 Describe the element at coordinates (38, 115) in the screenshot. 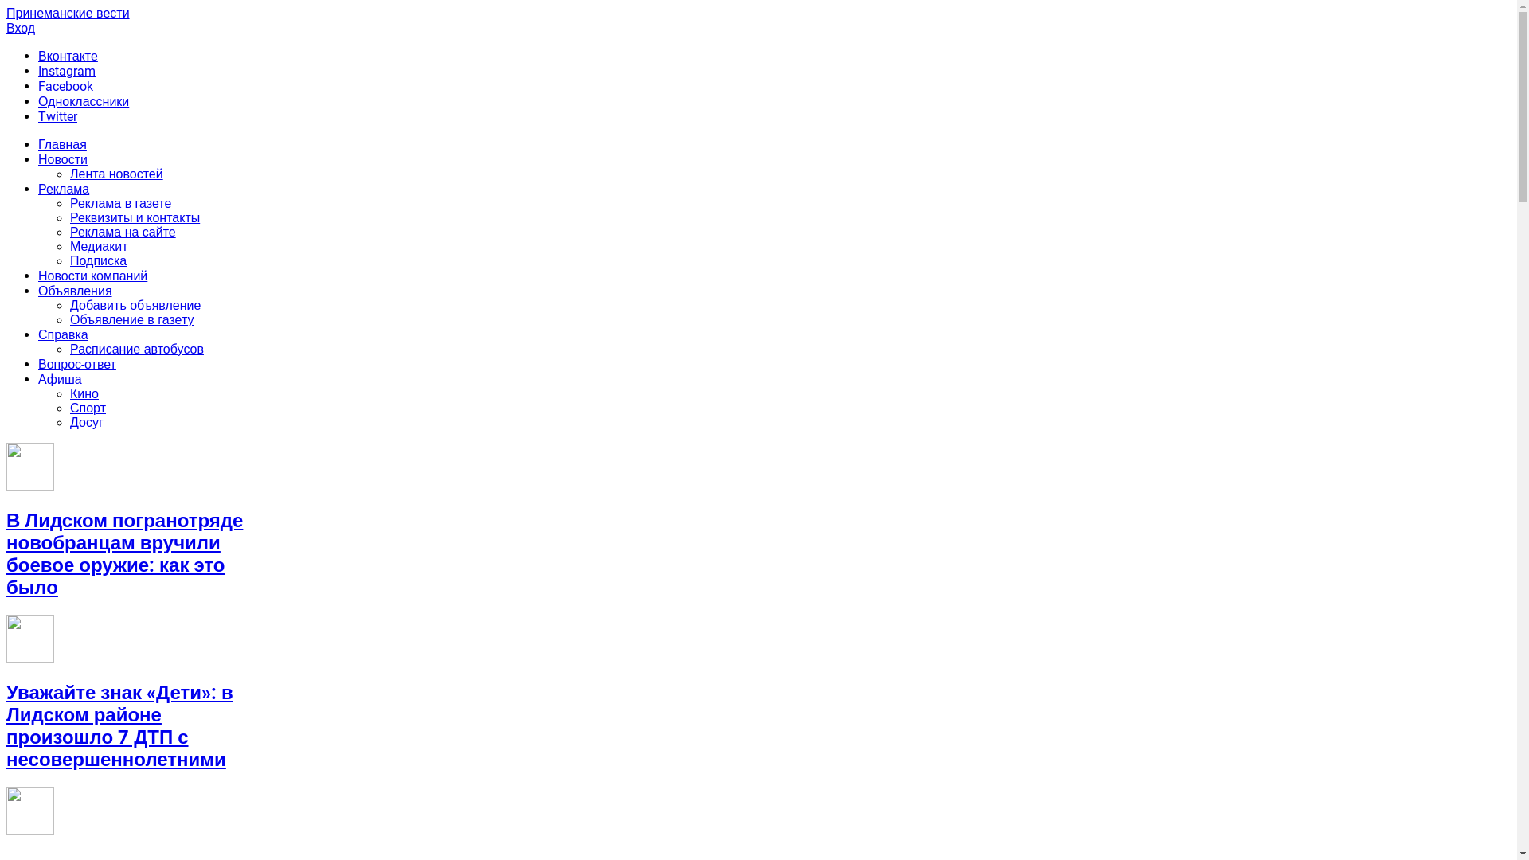

I see `'Twitter'` at that location.